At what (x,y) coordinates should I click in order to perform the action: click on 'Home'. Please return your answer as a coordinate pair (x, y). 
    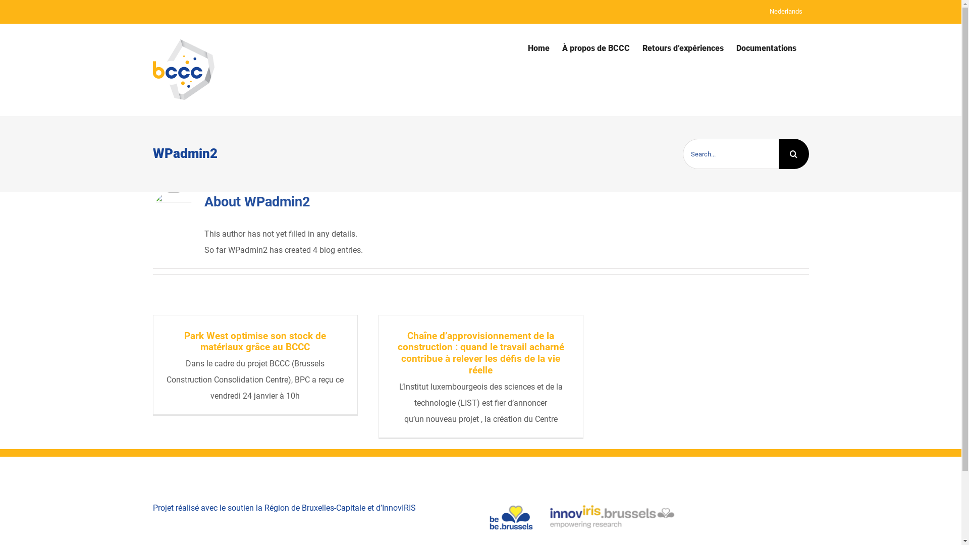
    Looking at the image, I should click on (538, 48).